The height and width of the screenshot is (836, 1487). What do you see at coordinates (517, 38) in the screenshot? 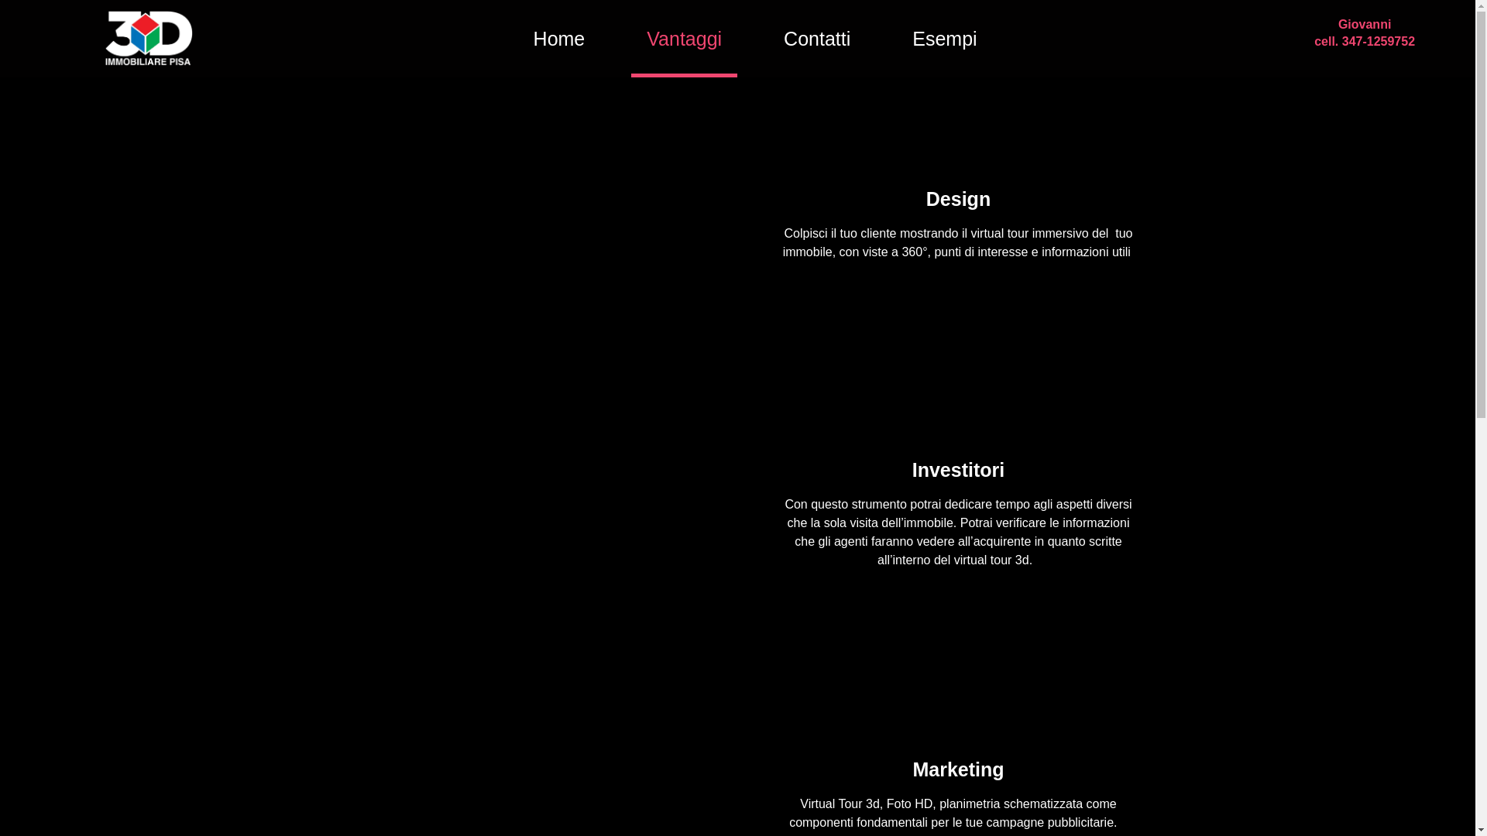
I see `'Home'` at bounding box center [517, 38].